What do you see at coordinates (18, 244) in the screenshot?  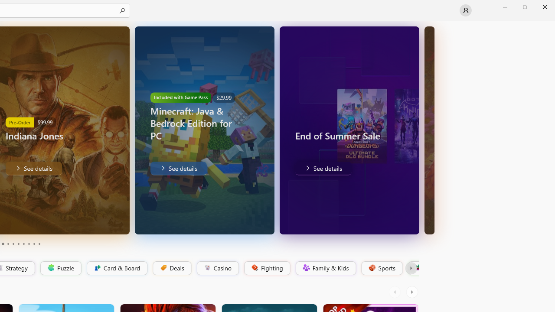 I see `'Page 6'` at bounding box center [18, 244].